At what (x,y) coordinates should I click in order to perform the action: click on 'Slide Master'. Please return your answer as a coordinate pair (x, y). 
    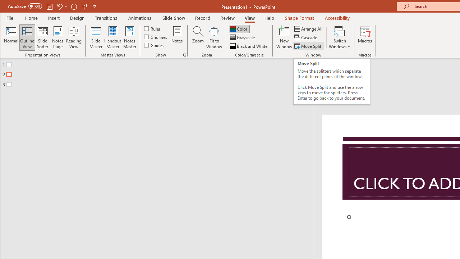
    Looking at the image, I should click on (95, 37).